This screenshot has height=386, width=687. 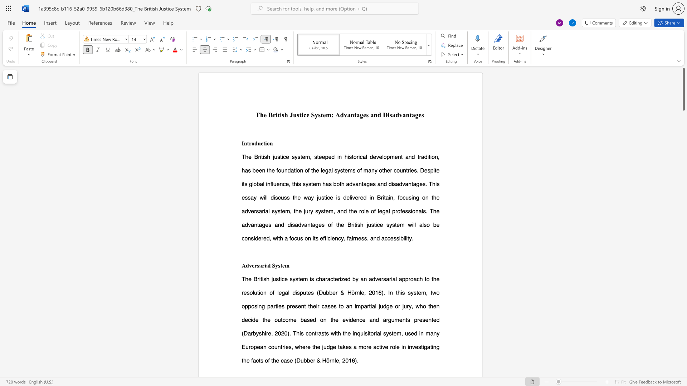 I want to click on the scrollbar to move the page down, so click(x=683, y=171).